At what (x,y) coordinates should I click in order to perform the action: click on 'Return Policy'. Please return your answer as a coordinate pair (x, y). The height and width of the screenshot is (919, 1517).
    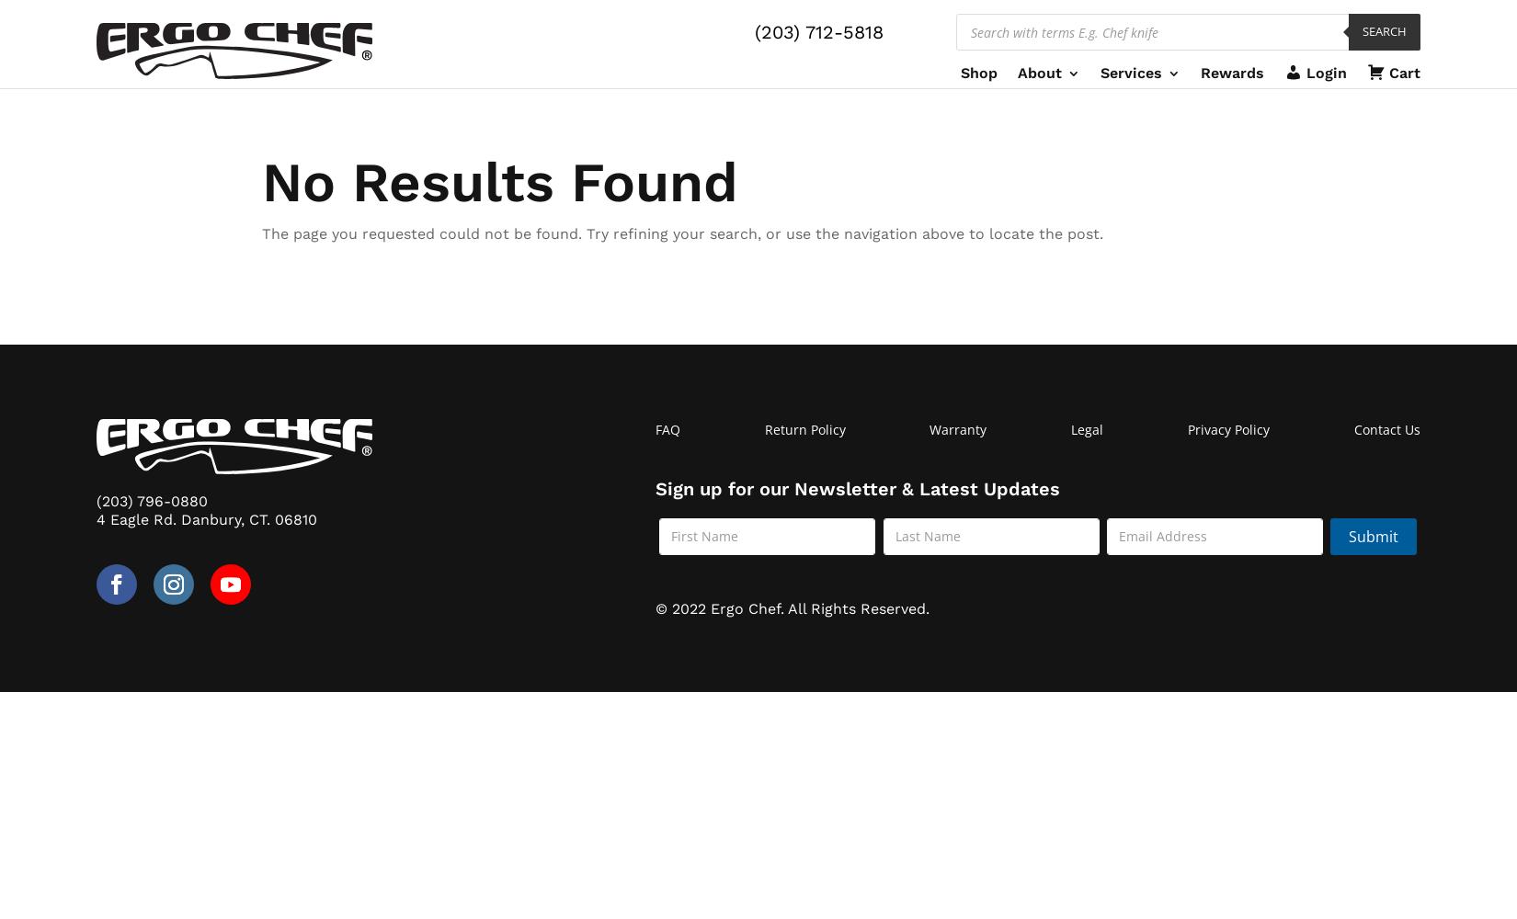
    Looking at the image, I should click on (763, 428).